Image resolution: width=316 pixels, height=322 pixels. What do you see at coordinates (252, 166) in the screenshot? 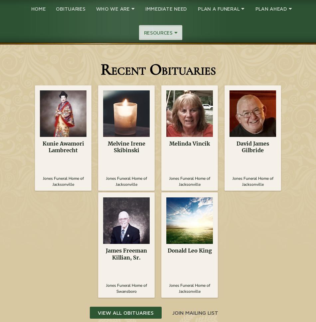
I see `'10/29/2023'` at bounding box center [252, 166].